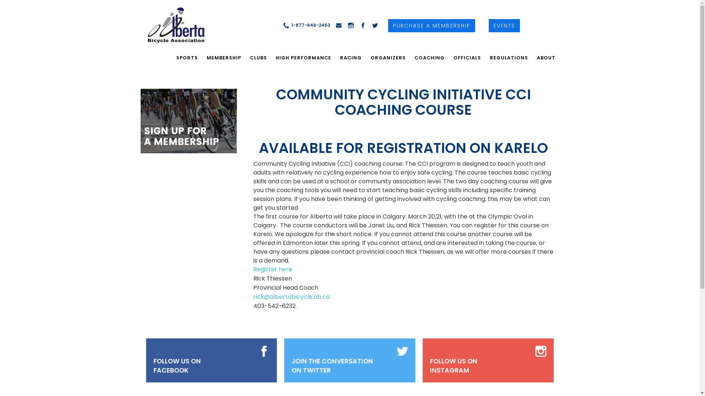  I want to click on 'REGULATIONS', so click(509, 58).